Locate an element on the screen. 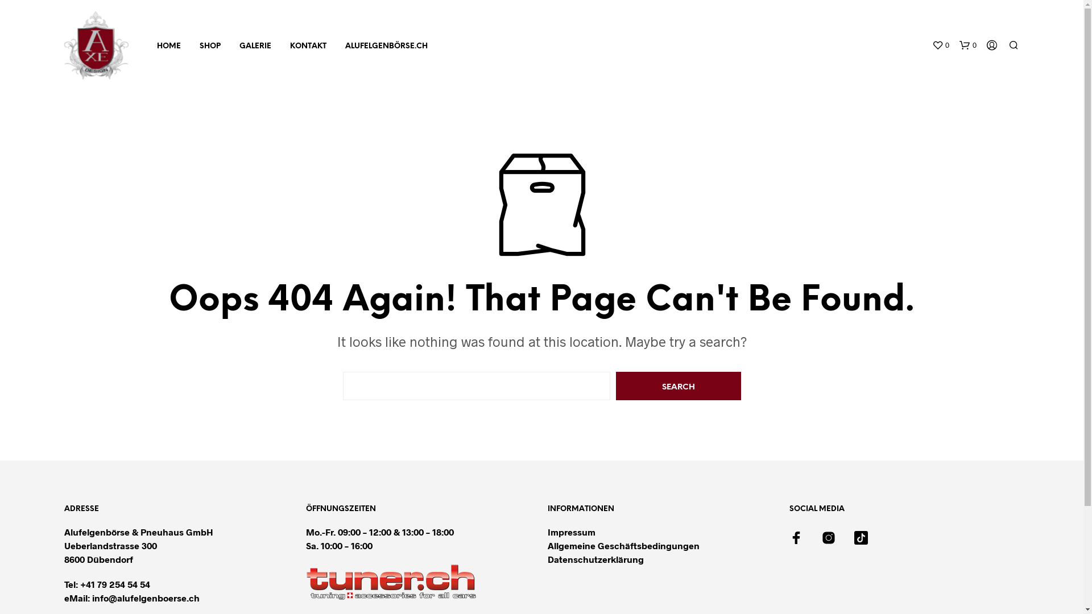 The height and width of the screenshot is (614, 1092). 'Search' is located at coordinates (677, 385).